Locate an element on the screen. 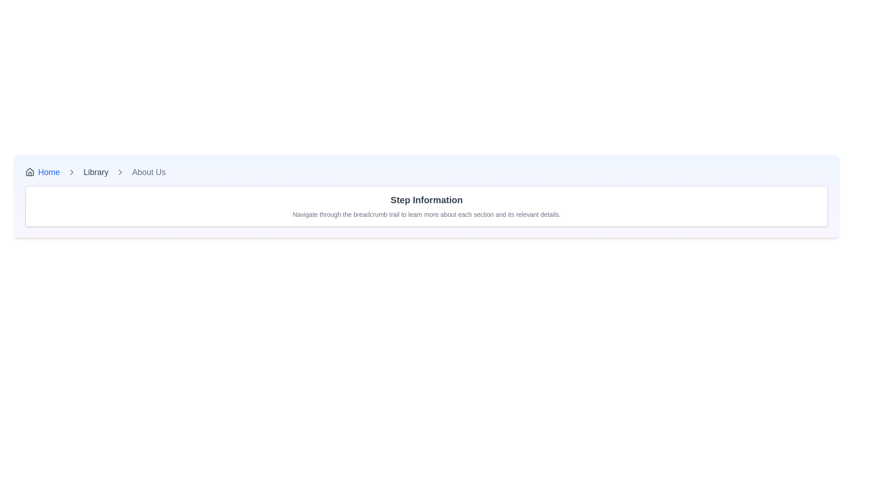 The width and height of the screenshot is (872, 491). the clickable text link in the breadcrumb navigation bar that redirects to the 'Library' section of the application is located at coordinates (96, 172).